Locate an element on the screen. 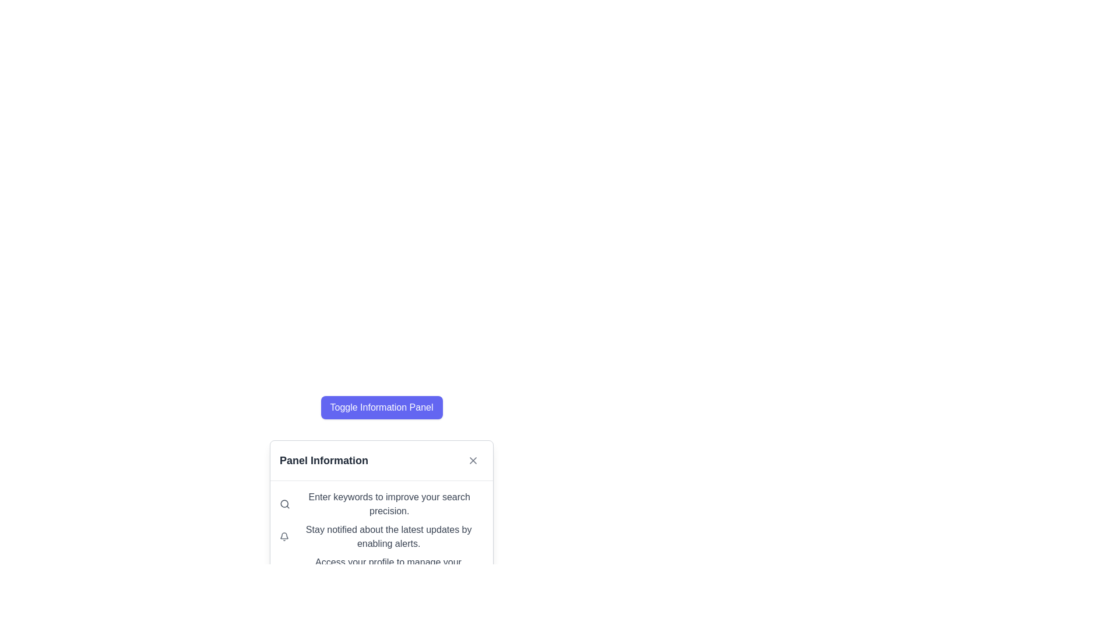 The image size is (1119, 629). the close button located in the top-right corner of the 'Panel Information' is located at coordinates (473, 460).